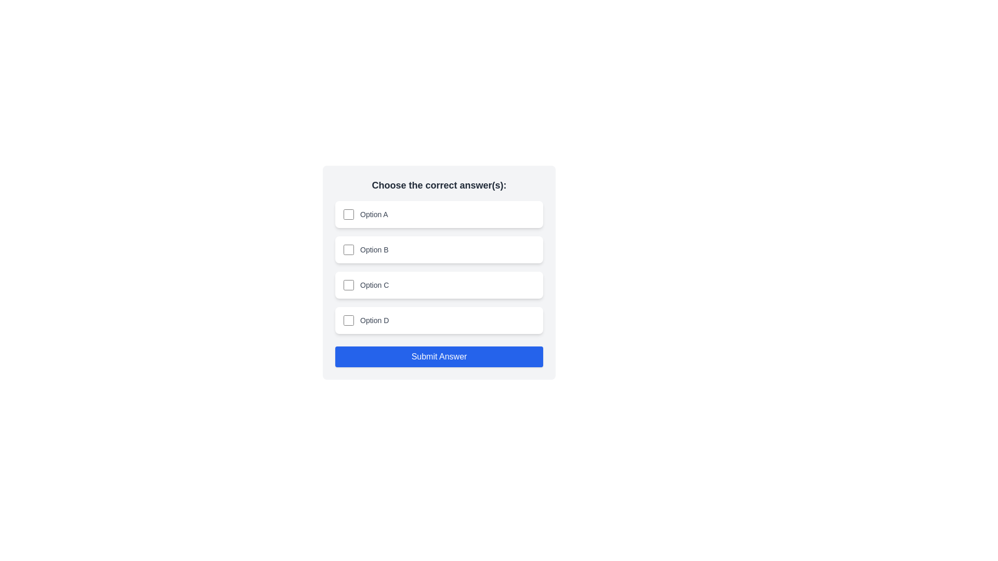  I want to click on the checkbox corresponding to Option D, so click(349, 320).